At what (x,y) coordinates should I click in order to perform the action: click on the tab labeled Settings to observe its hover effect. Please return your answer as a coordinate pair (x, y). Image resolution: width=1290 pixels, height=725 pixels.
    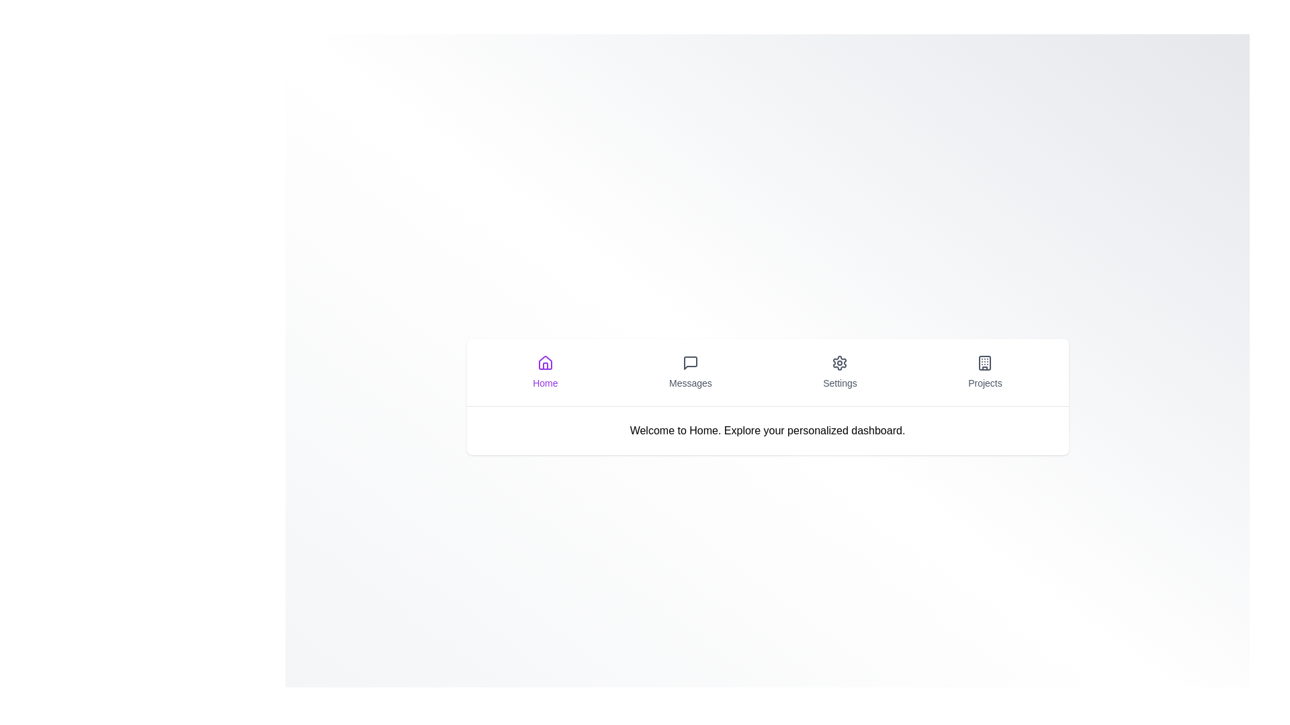
    Looking at the image, I should click on (839, 372).